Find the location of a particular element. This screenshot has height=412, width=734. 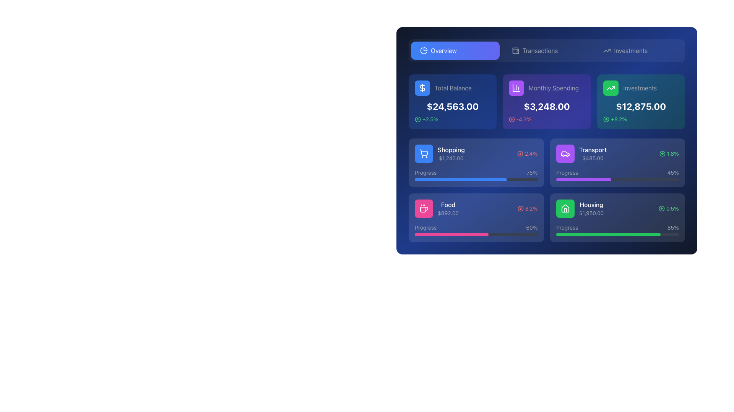

the progress bar representing a 60% completion level within the 'Food $892.00' card, located below the 'Progress' label is located at coordinates (476, 234).